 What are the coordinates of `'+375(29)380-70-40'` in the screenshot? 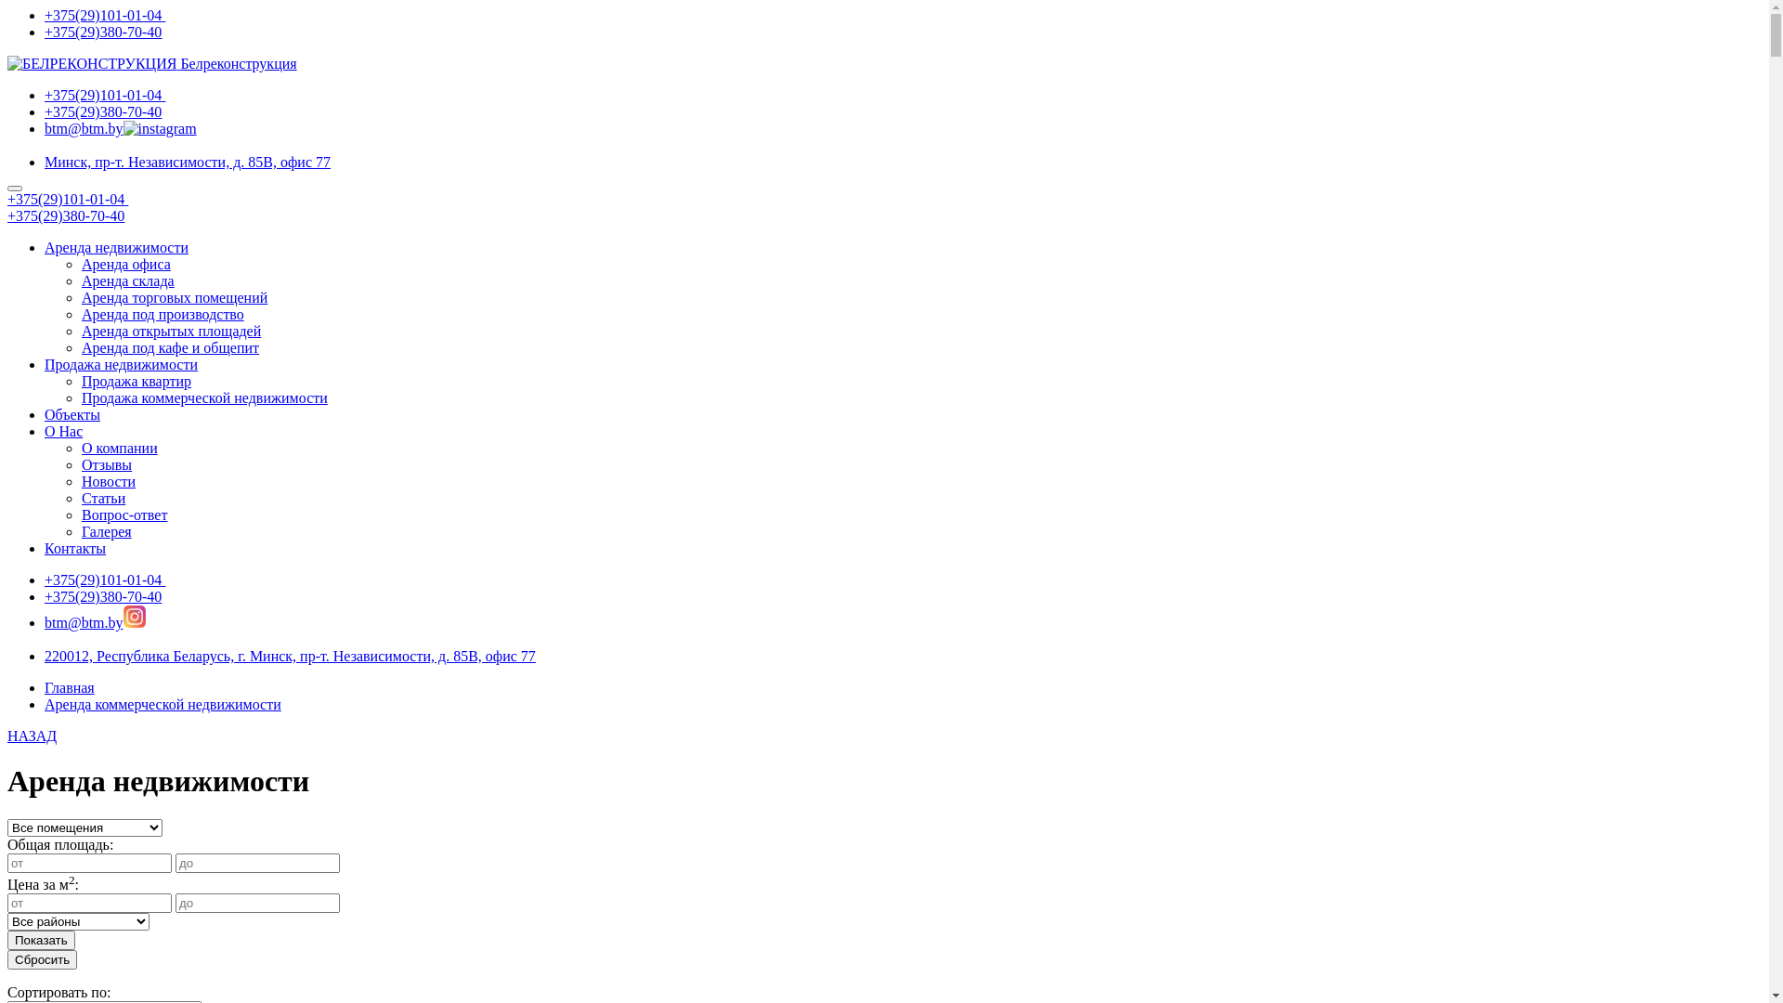 It's located at (45, 111).